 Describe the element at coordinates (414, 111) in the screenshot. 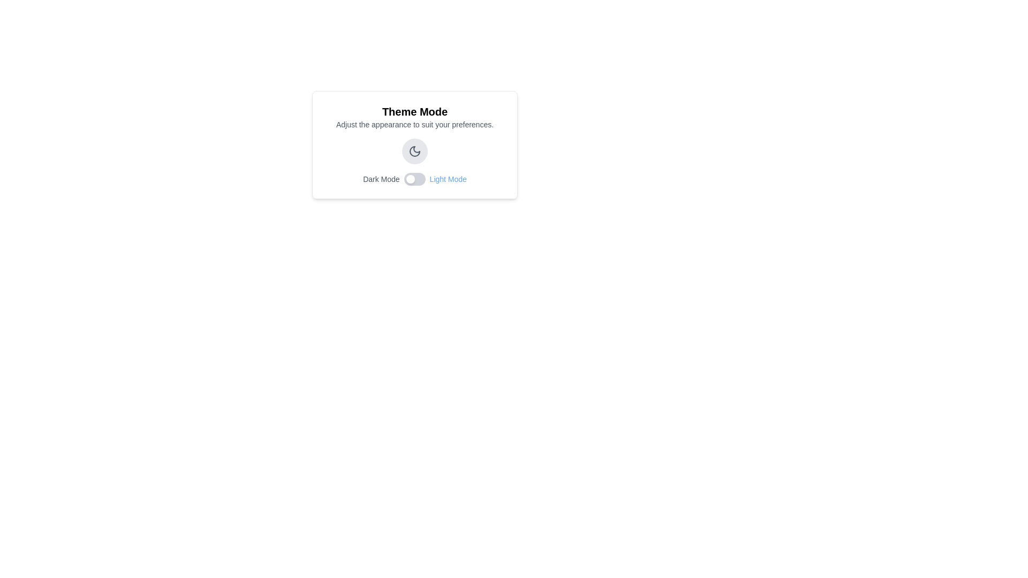

I see `the bold text heading with the content 'Theme Mode', which is styled in black and positioned centrally above the descriptive text 'Adjust the appearance to suit your preferences.'` at that location.